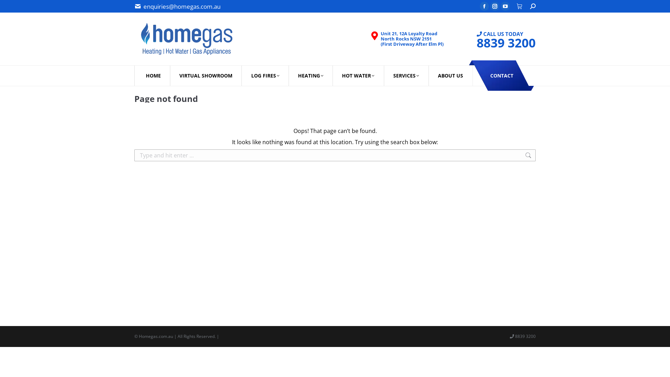 This screenshot has width=670, height=377. I want to click on 'Facebook page opens in new window', so click(479, 6).